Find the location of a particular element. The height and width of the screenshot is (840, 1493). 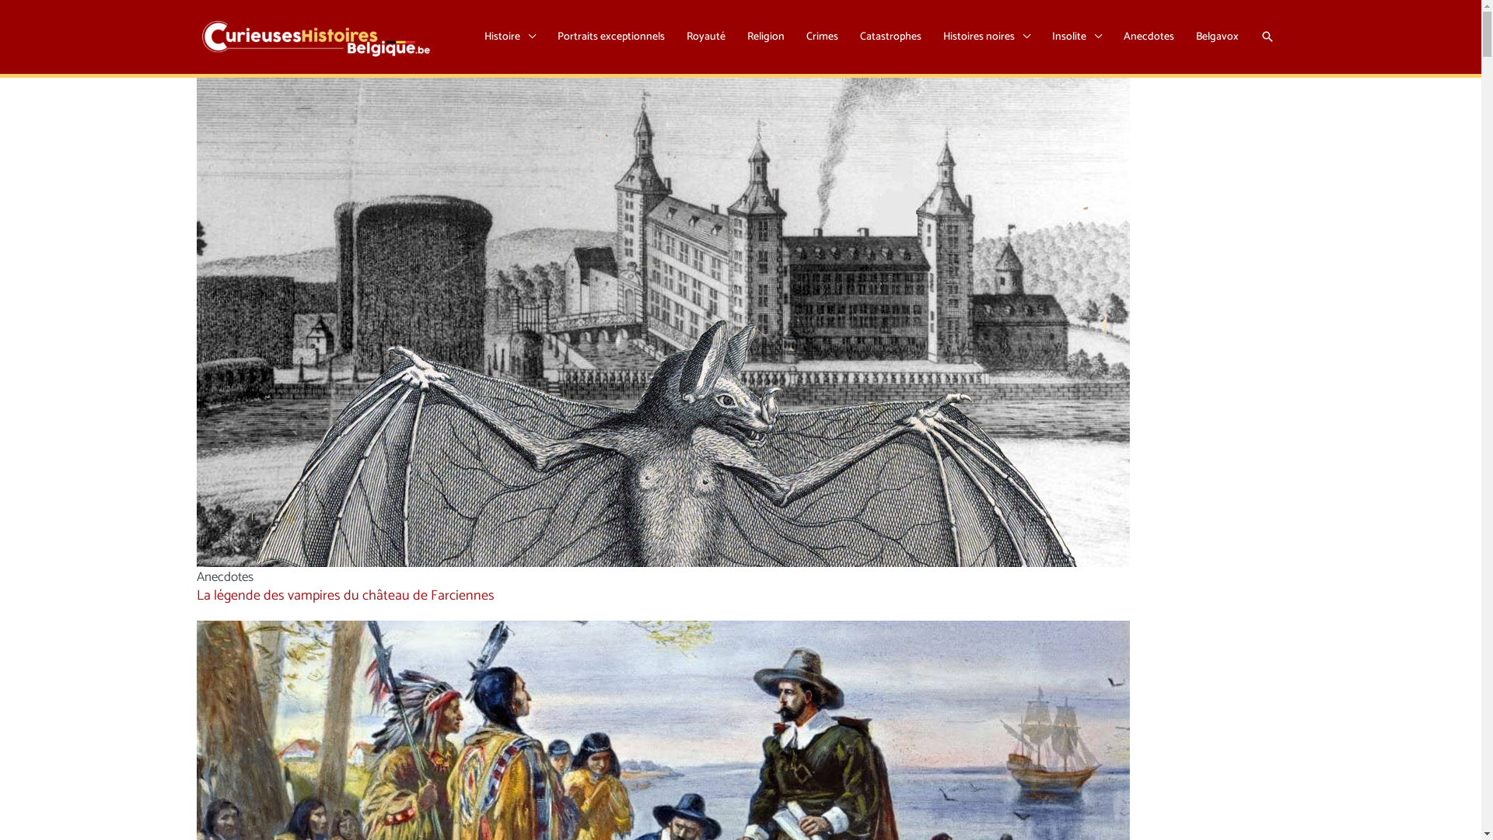

'Rechercher' is located at coordinates (1266, 35).